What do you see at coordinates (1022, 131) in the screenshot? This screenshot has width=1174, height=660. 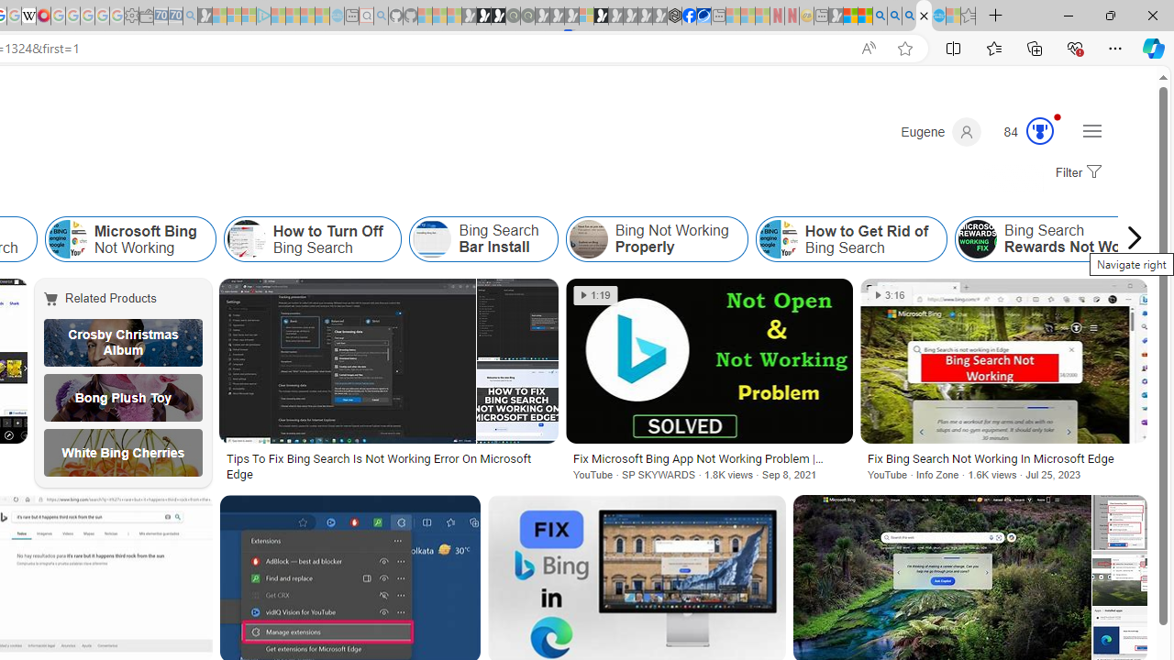 I see `'Microsoft Rewards 84'` at bounding box center [1022, 131].